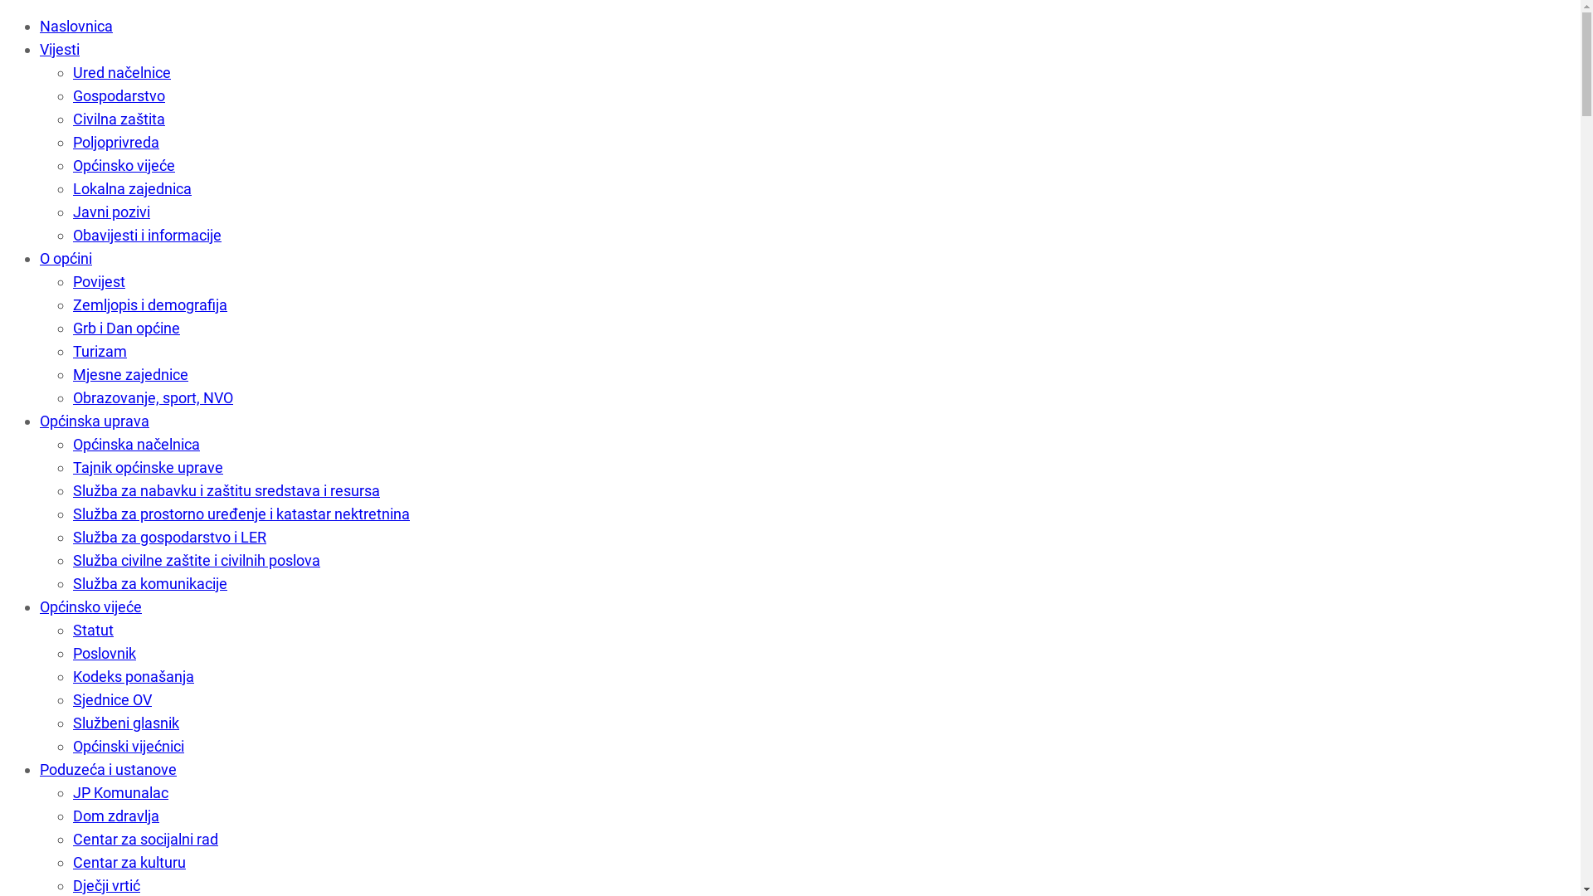 The height and width of the screenshot is (896, 1593). Describe the element at coordinates (103, 652) in the screenshot. I see `'Poslovnik'` at that location.